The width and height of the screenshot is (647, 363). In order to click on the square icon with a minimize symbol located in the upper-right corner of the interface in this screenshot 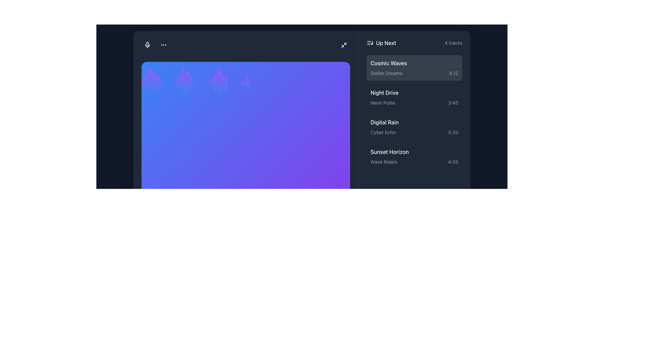, I will do `click(344, 45)`.